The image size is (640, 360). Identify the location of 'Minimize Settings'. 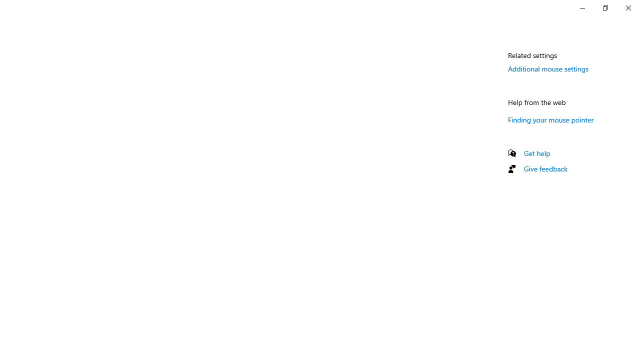
(582, 7).